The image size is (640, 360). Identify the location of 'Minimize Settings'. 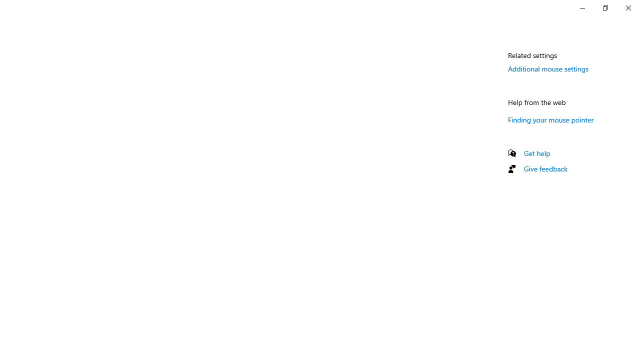
(582, 7).